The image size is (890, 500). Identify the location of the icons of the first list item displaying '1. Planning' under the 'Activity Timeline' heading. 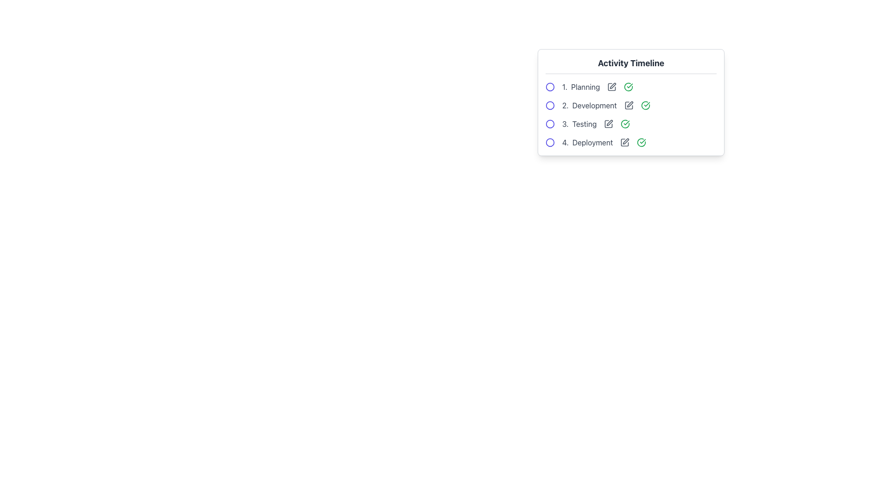
(630, 87).